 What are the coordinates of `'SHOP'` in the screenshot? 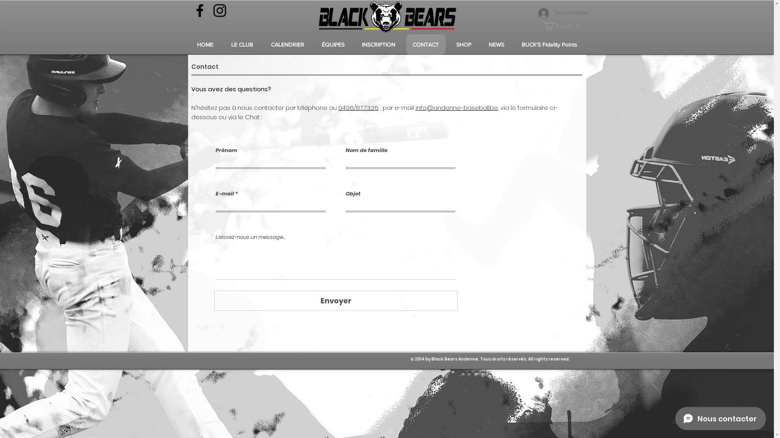 It's located at (464, 45).